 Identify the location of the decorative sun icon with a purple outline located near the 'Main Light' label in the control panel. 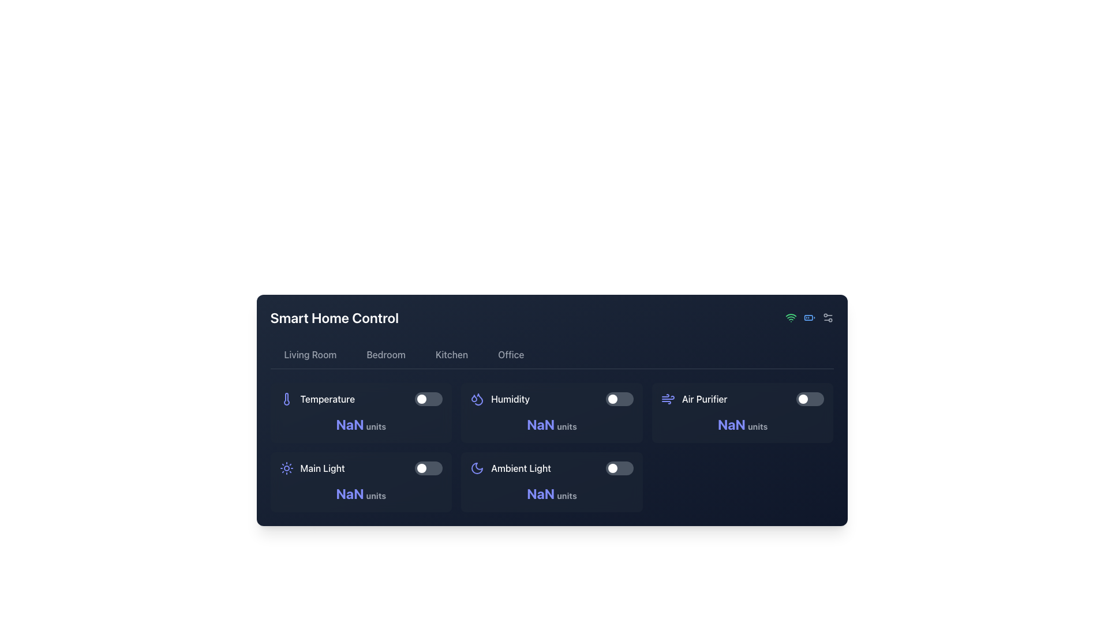
(286, 468).